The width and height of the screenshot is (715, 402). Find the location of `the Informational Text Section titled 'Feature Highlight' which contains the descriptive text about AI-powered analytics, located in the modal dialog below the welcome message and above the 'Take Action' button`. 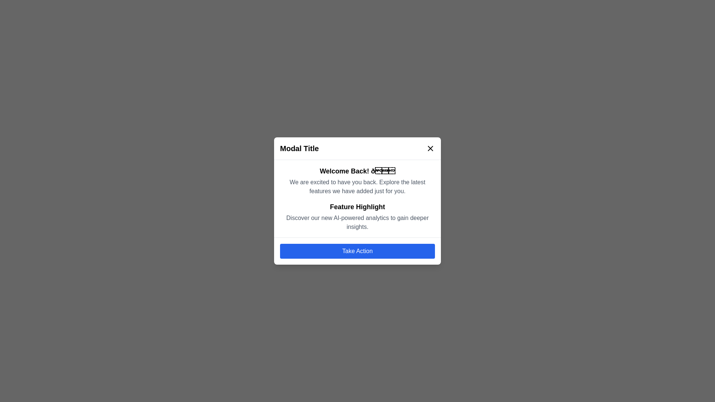

the Informational Text Section titled 'Feature Highlight' which contains the descriptive text about AI-powered analytics, located in the modal dialog below the welcome message and above the 'Take Action' button is located at coordinates (357, 217).